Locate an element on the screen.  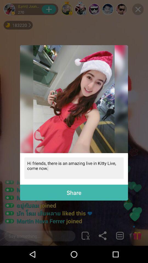
this live video is located at coordinates (74, 99).